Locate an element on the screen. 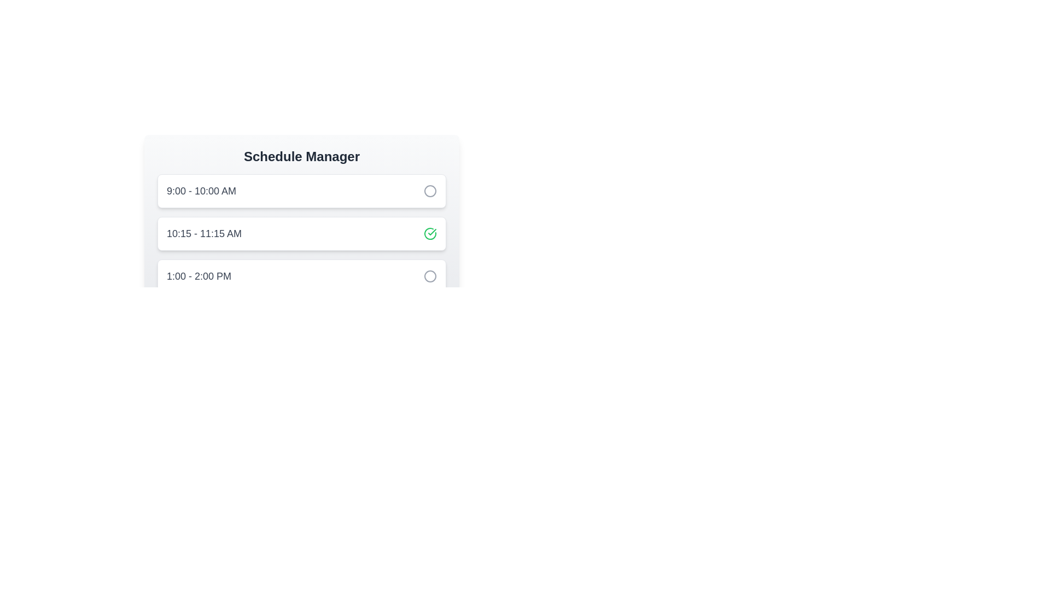 Image resolution: width=1050 pixels, height=590 pixels. the timeslot corresponding to 2 is located at coordinates (302, 233).